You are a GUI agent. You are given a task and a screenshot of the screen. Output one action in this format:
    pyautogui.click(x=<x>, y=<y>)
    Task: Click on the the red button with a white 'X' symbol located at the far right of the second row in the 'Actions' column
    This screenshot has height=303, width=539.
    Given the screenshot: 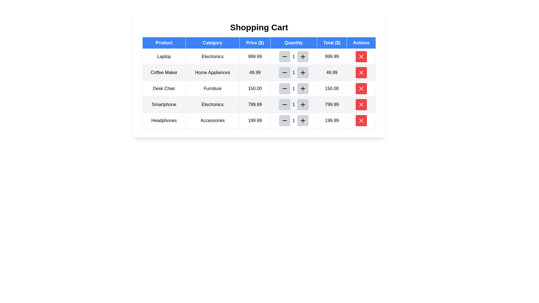 What is the action you would take?
    pyautogui.click(x=361, y=72)
    